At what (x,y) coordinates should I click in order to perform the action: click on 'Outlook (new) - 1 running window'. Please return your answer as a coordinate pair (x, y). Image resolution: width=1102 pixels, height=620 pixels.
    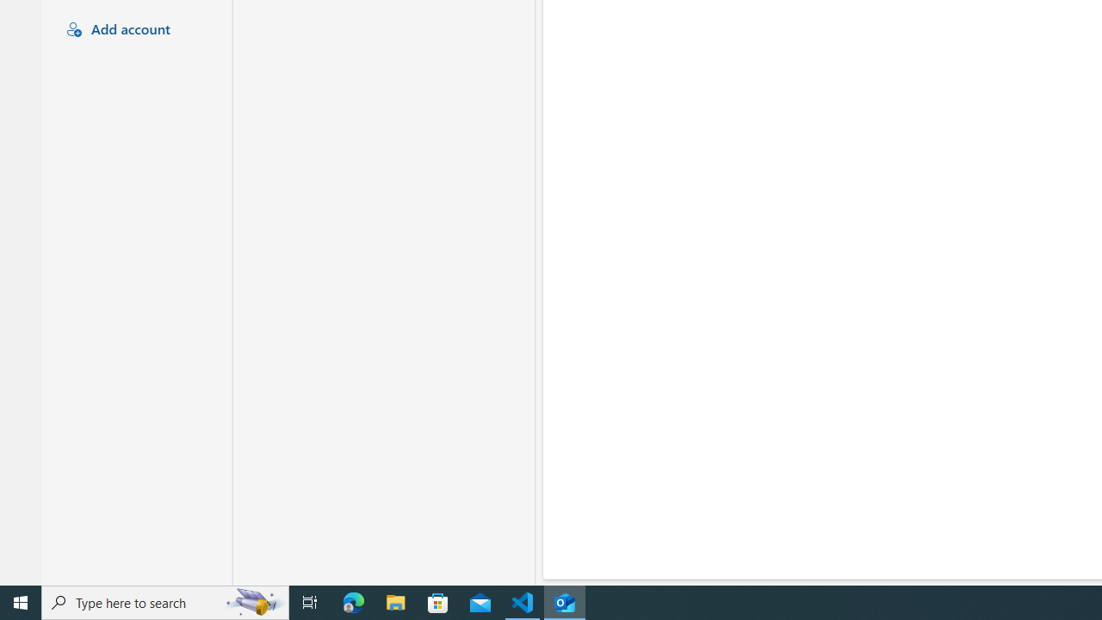
    Looking at the image, I should click on (565, 601).